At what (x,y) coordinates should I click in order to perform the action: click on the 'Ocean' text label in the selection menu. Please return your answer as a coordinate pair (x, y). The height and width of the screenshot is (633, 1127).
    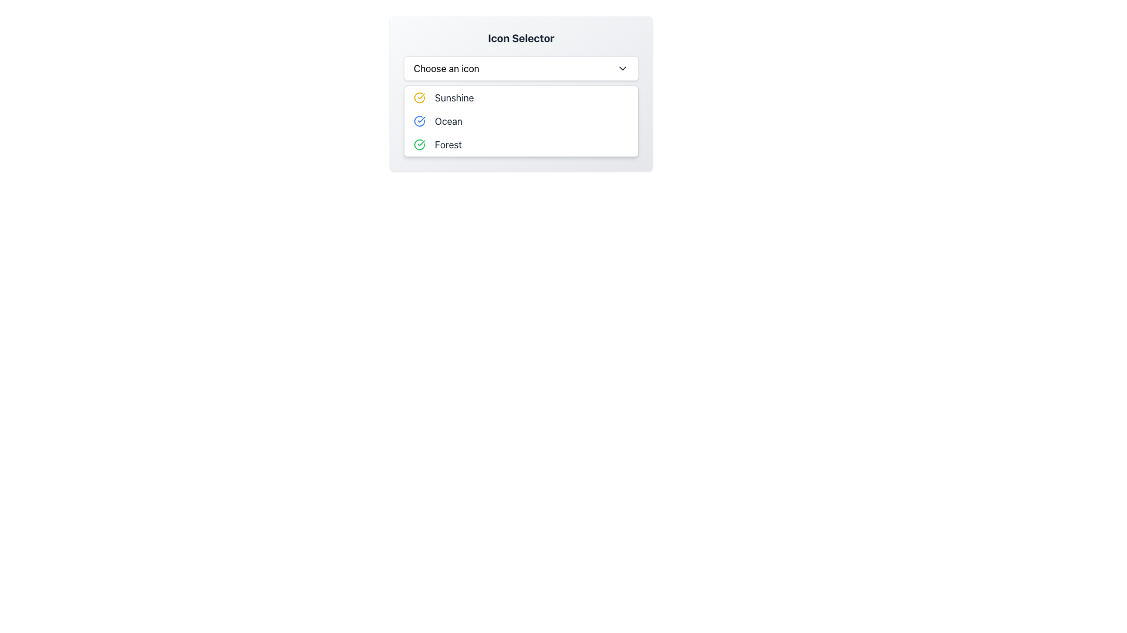
    Looking at the image, I should click on (448, 121).